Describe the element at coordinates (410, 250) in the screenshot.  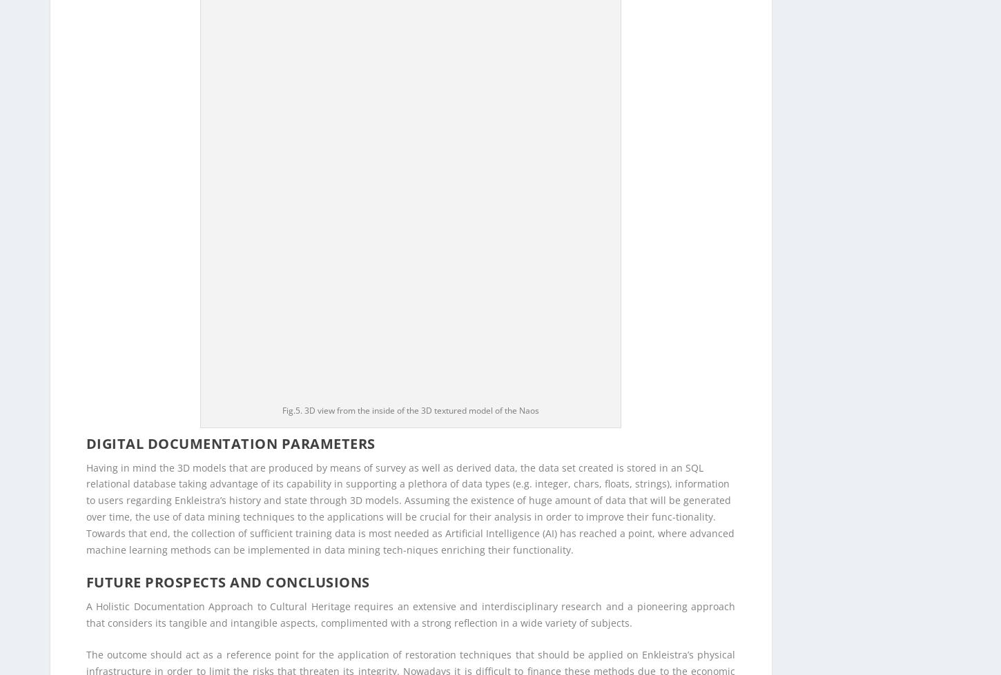
I see `'An online educational tool provides a new way of reusing Cultural Heritage data obtained from imagebased and 3D modelling, terrestrial laser scanning techniques, photogrammetry methods etc. which could also be applied in St. Neophytos case, including interactive lessons and activities using 3D representations of the cavern.'` at that location.